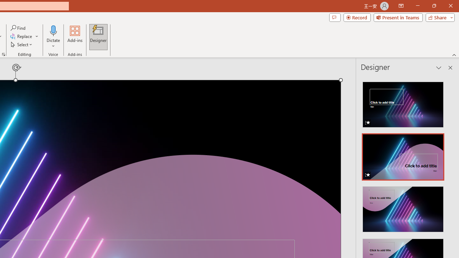 The width and height of the screenshot is (459, 258). I want to click on 'Dictate', so click(53, 30).